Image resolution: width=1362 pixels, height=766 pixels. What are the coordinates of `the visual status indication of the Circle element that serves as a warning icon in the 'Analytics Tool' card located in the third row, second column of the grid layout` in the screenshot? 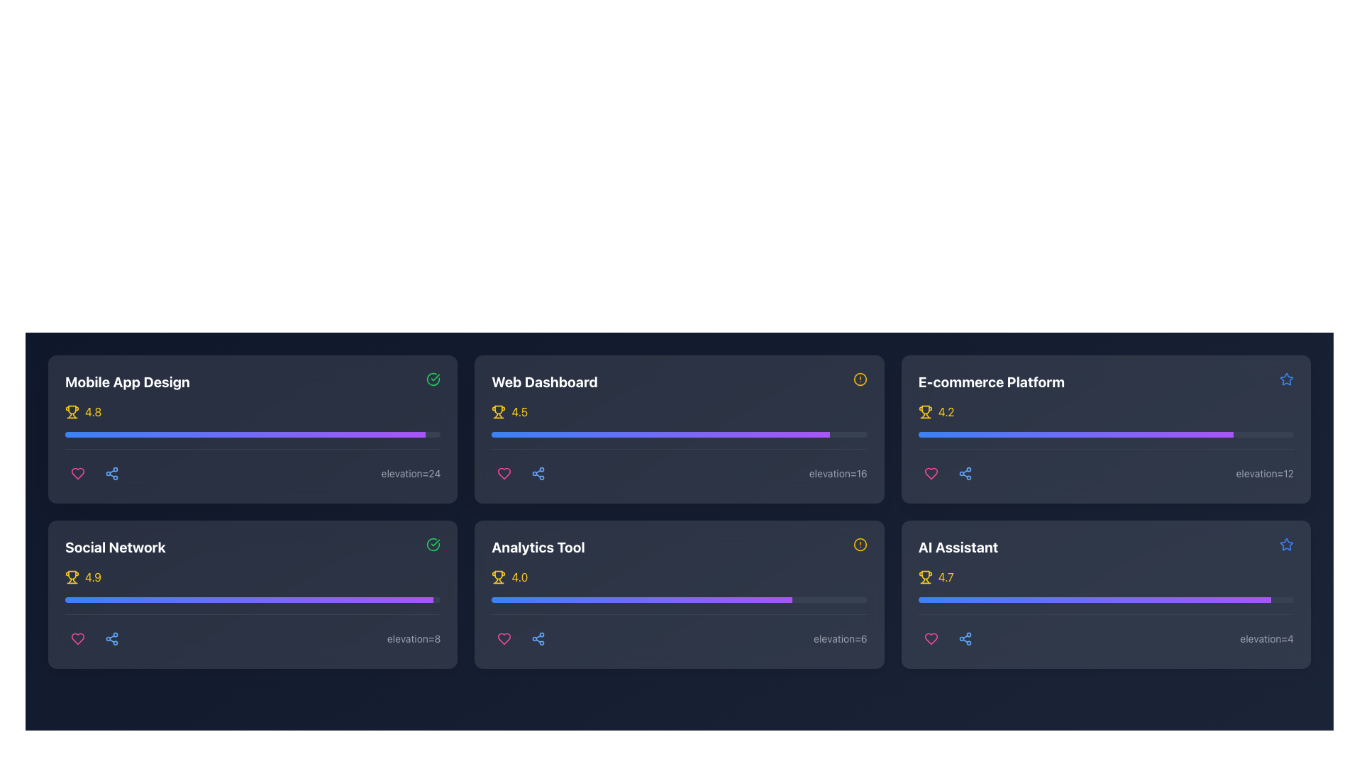 It's located at (859, 543).